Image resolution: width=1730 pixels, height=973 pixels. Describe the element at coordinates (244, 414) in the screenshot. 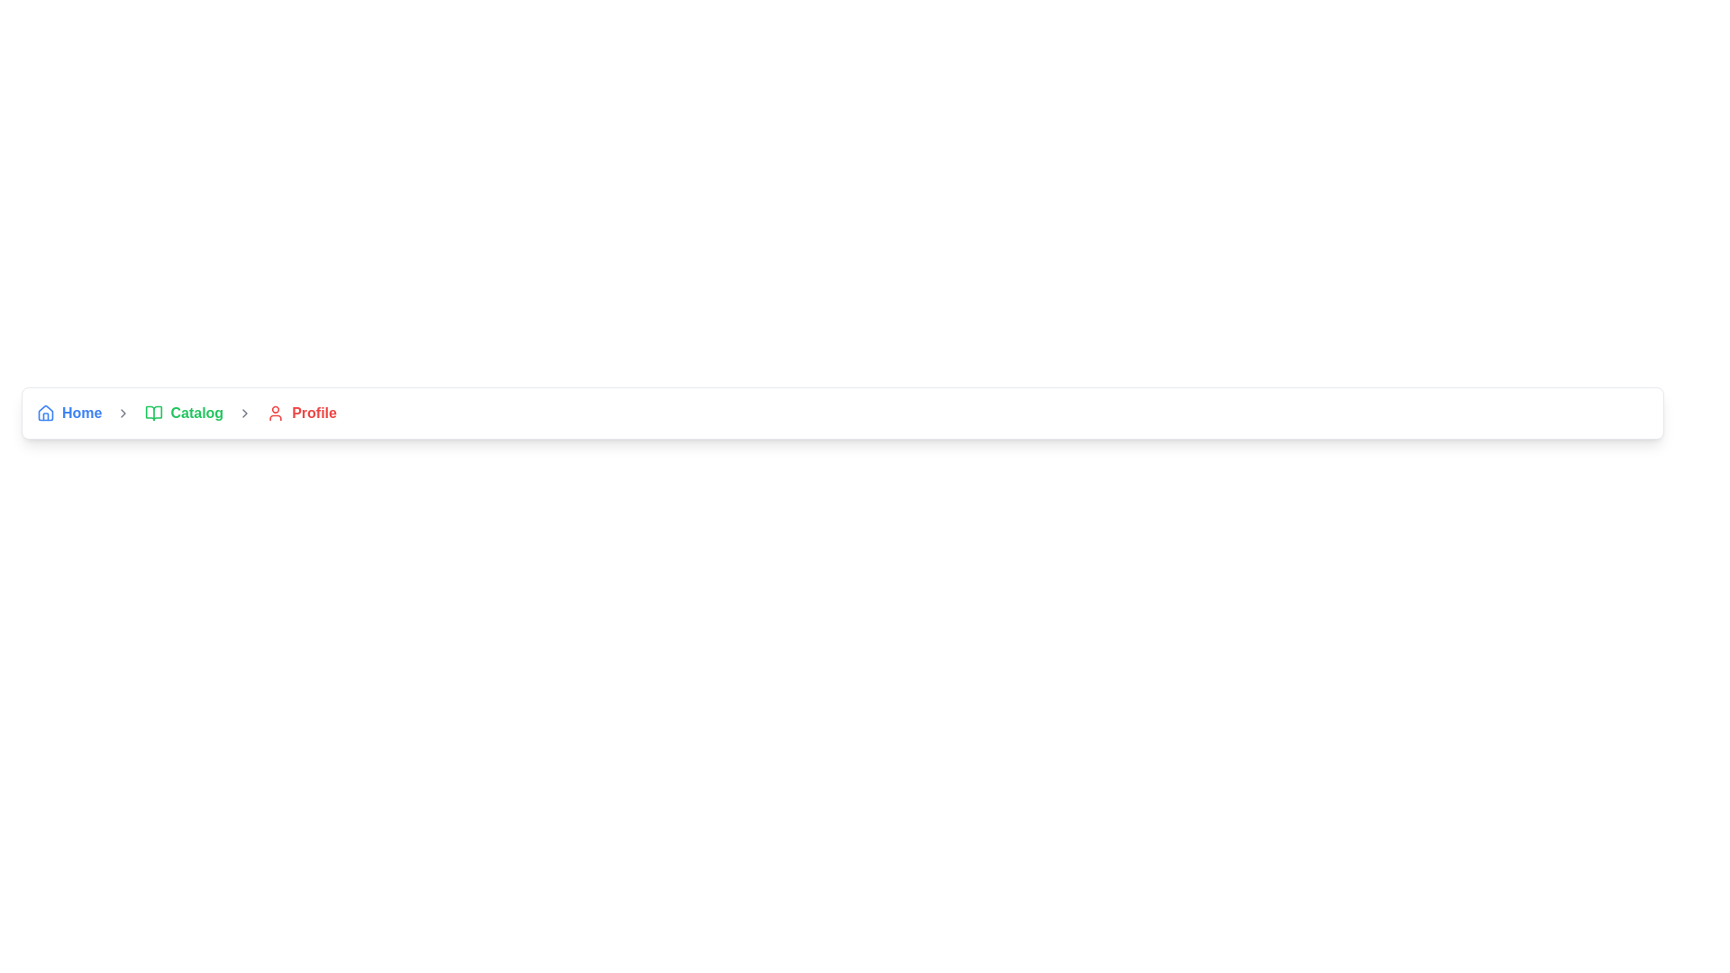

I see `the separator icon in the breadcrumb navigation that indicates progression from the 'Catalog' section to the 'Profile' section` at that location.